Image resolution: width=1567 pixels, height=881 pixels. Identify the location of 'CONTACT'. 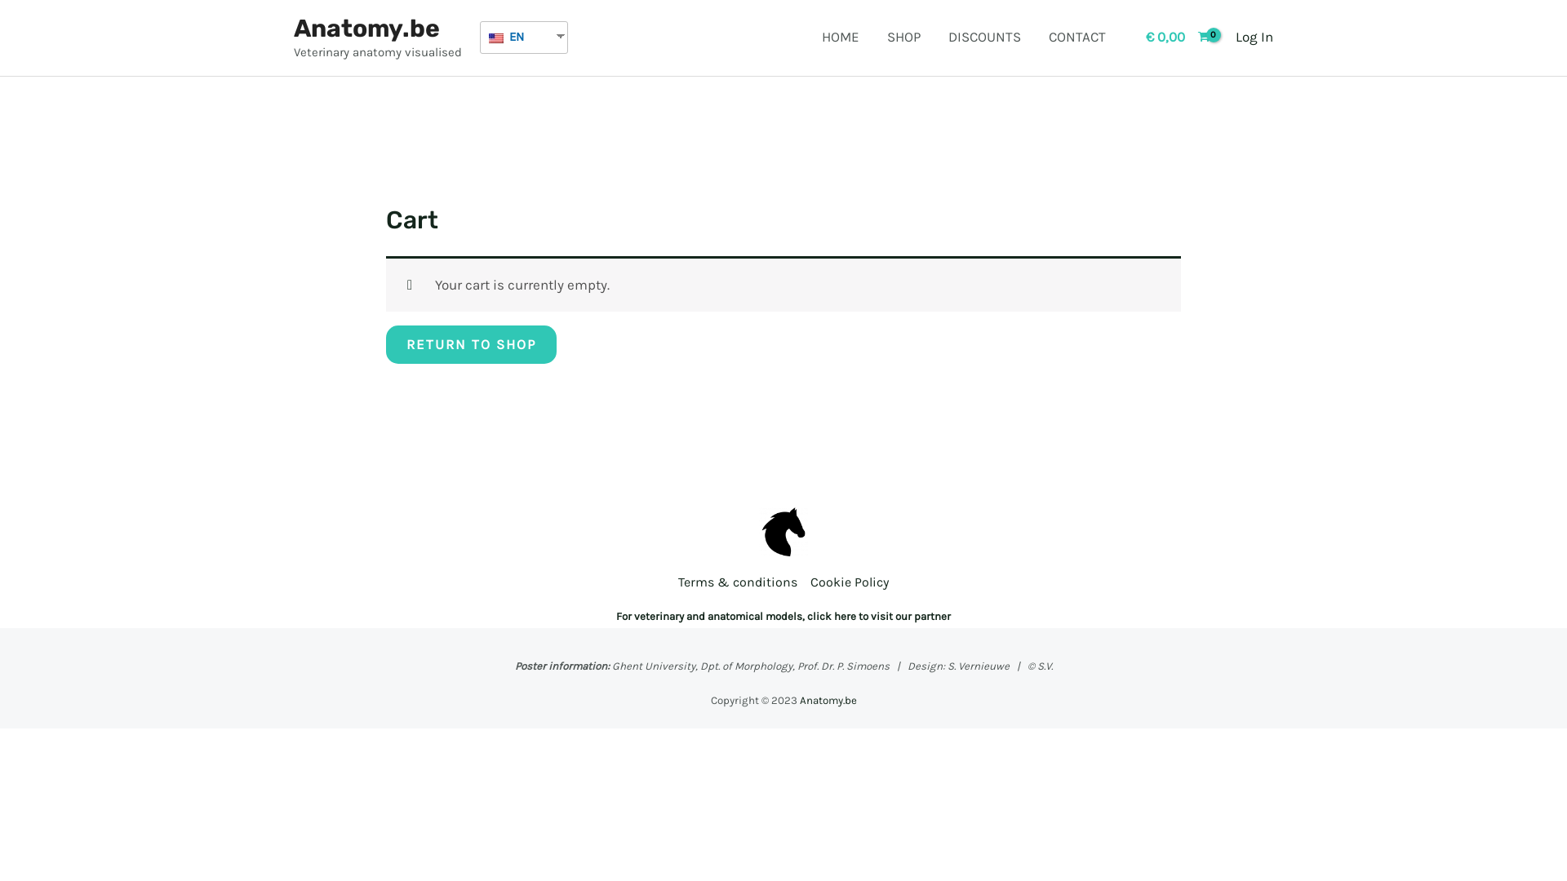
(1077, 37).